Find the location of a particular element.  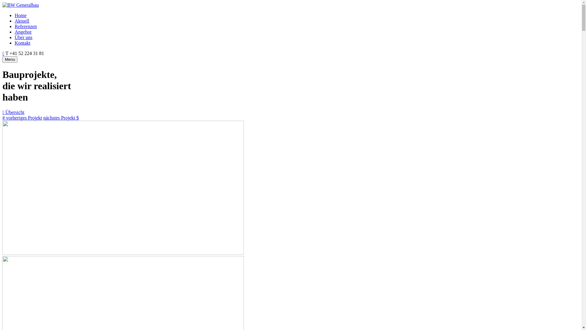

'Angebot' is located at coordinates (23, 32).